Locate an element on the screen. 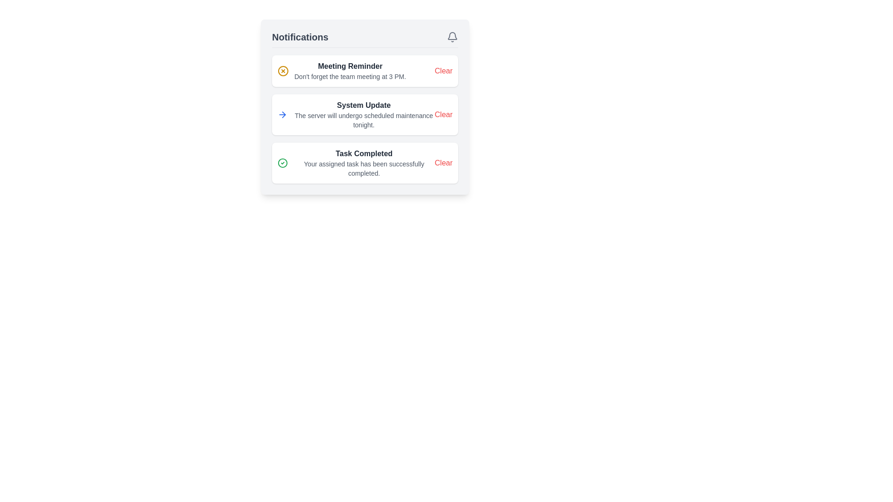 The image size is (893, 502). the non-interactive notification about an upcoming meeting at 3 PM, which is the first notification item under the 'Notifications' heading is located at coordinates (341, 71).